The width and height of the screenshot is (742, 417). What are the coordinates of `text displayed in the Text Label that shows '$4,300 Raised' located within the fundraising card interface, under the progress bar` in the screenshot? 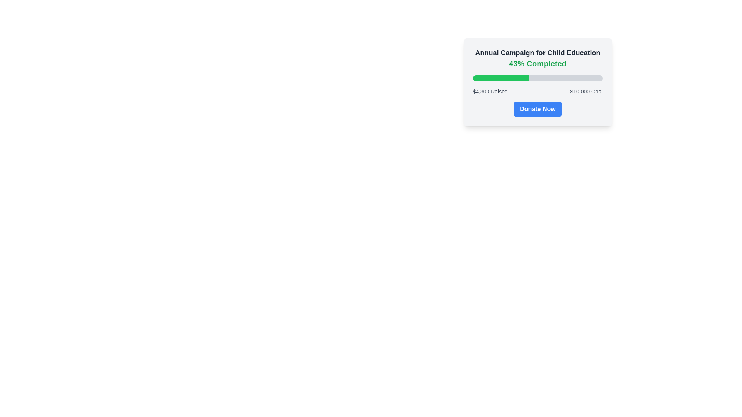 It's located at (490, 91).